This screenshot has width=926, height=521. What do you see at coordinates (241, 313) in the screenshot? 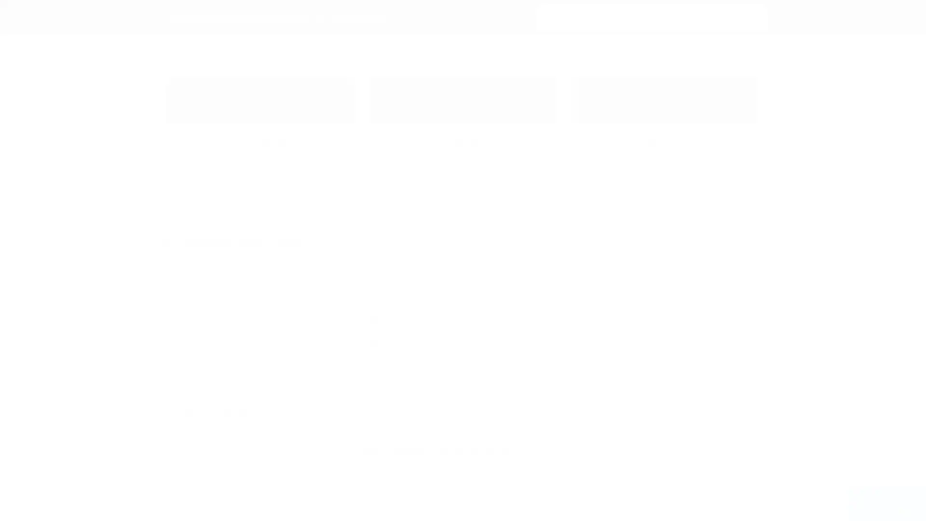
I see `Audio & video` at bounding box center [241, 313].